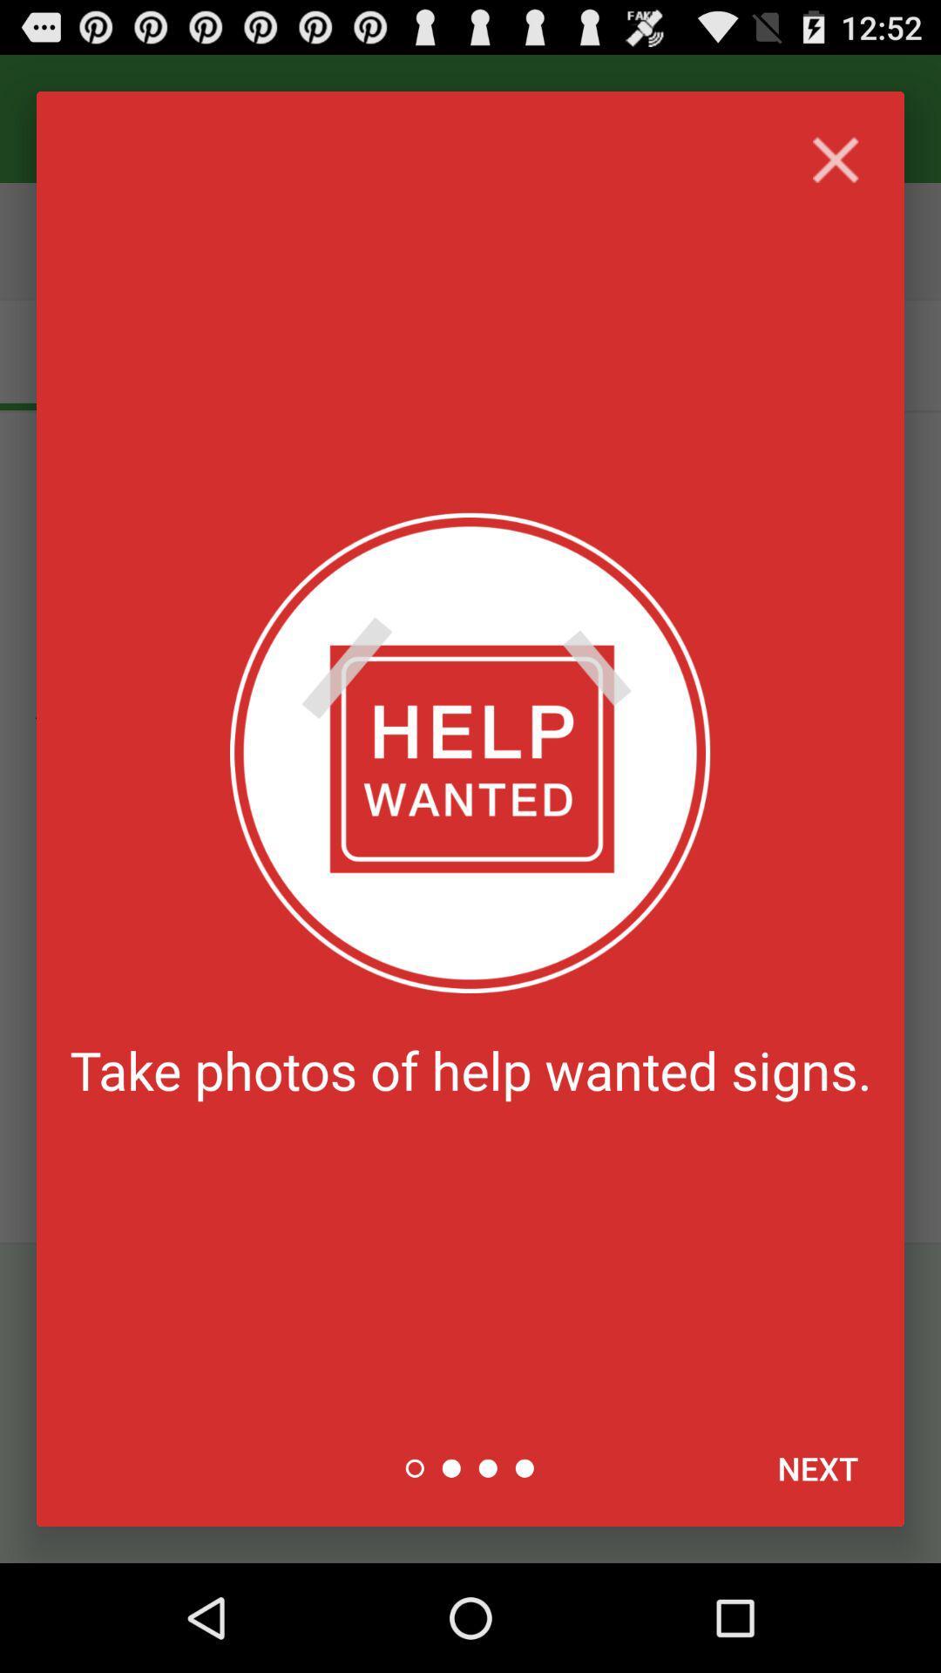 Image resolution: width=941 pixels, height=1673 pixels. Describe the element at coordinates (817, 1467) in the screenshot. I see `the next at the bottom right corner` at that location.